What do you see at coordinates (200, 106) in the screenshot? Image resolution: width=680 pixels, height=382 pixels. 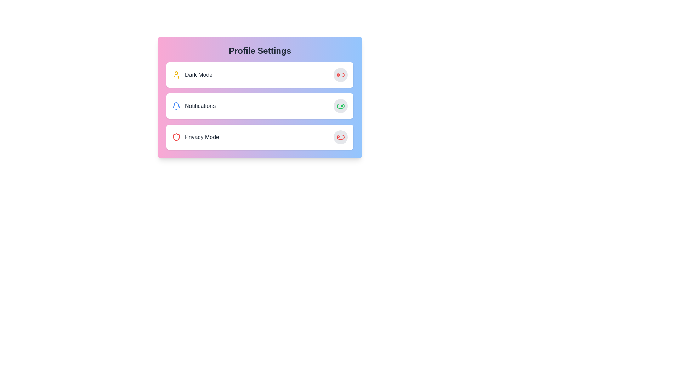 I see `'notifications' label text, which is the second textual component in the settings panel, located between 'Dark Mode' and 'Privacy Mode'` at bounding box center [200, 106].